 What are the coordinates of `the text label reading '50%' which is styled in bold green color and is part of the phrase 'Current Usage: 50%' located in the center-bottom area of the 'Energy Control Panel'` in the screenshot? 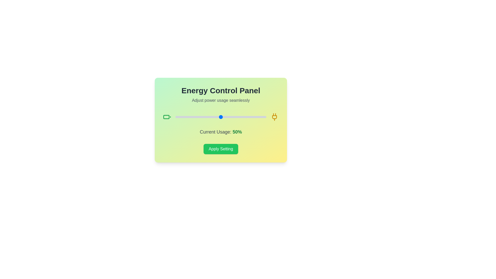 It's located at (237, 131).